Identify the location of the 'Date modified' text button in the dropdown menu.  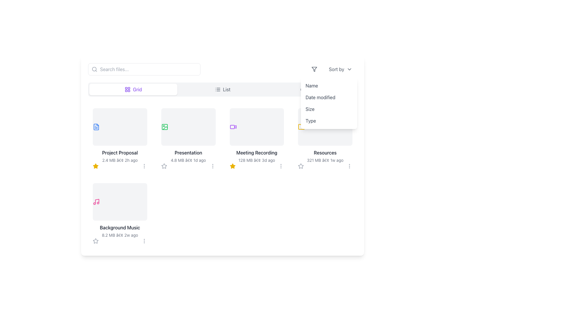
(329, 97).